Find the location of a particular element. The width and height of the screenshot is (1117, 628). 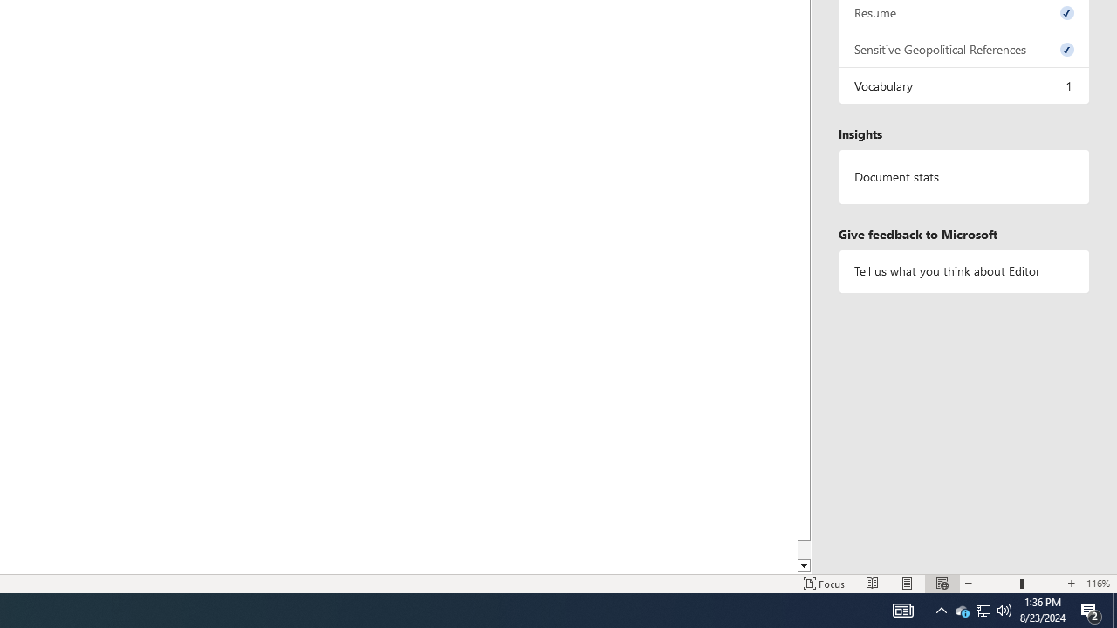

'Vocabulary, 1 issue. Press space or enter to review items.' is located at coordinates (963, 85).